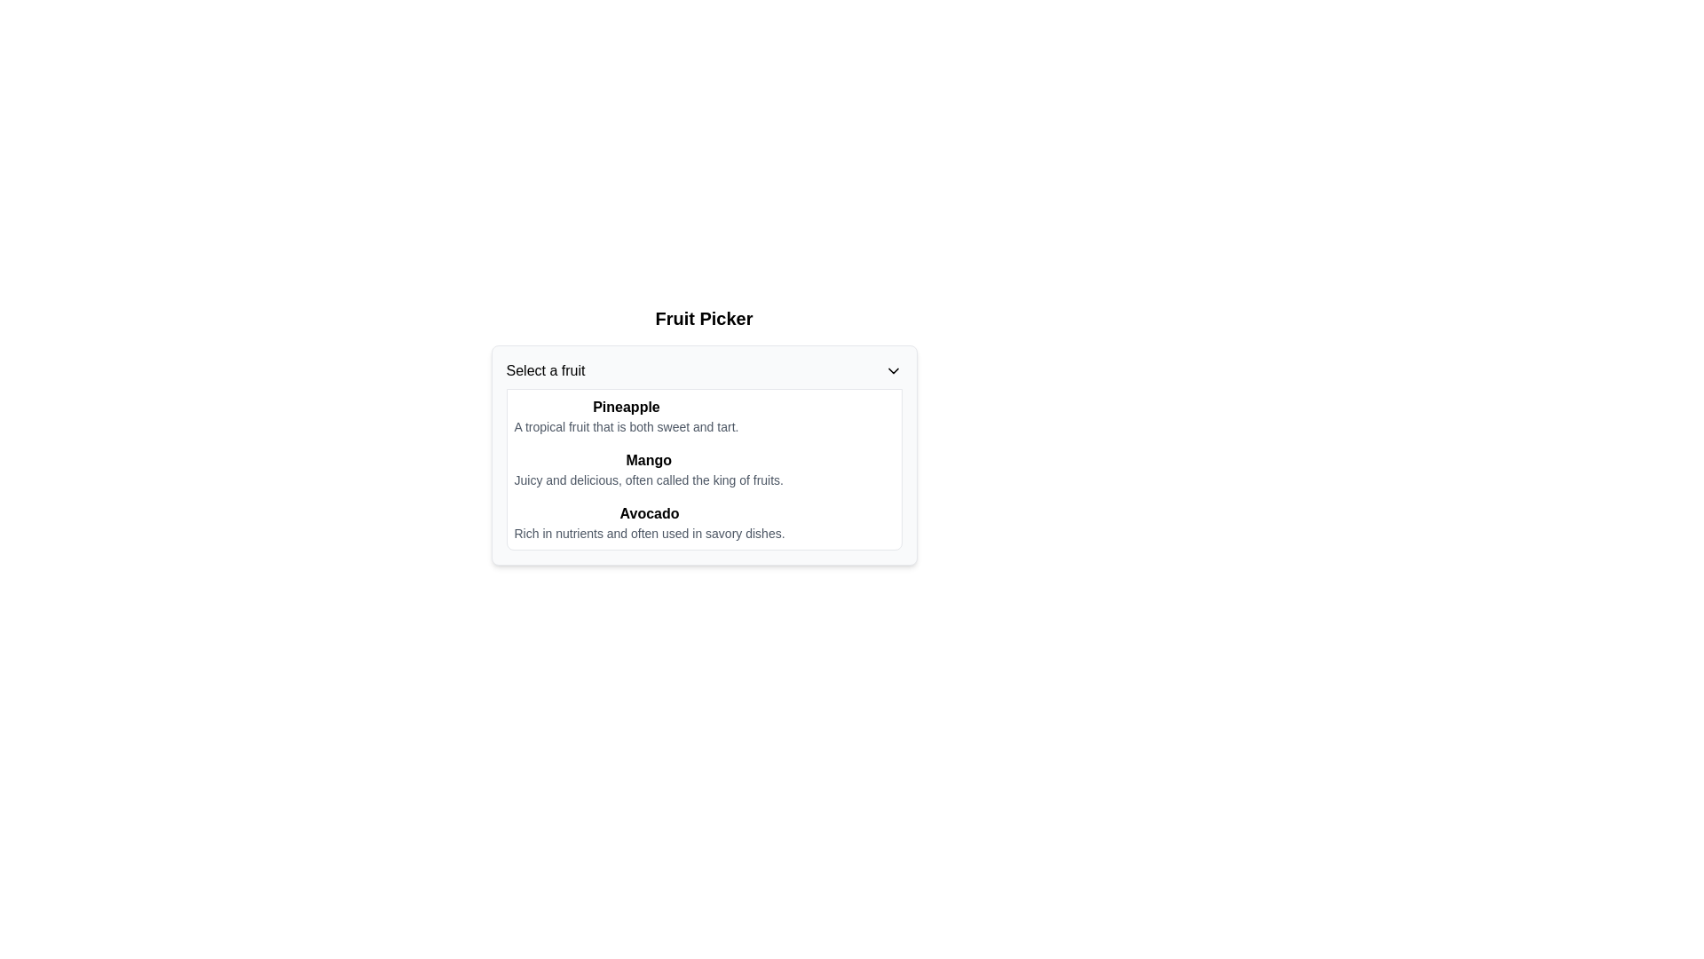  What do you see at coordinates (626, 416) in the screenshot?
I see `the list item with the bold heading 'Pineapple'` at bounding box center [626, 416].